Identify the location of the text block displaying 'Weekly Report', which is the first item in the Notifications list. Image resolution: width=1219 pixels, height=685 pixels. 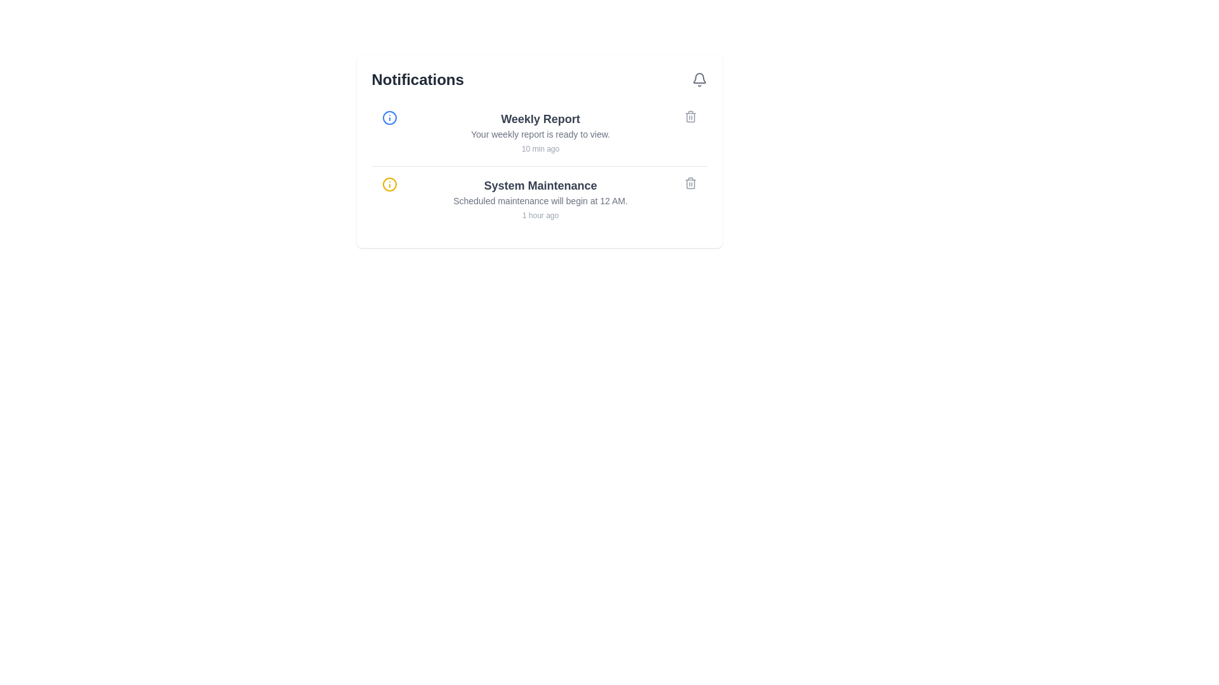
(540, 133).